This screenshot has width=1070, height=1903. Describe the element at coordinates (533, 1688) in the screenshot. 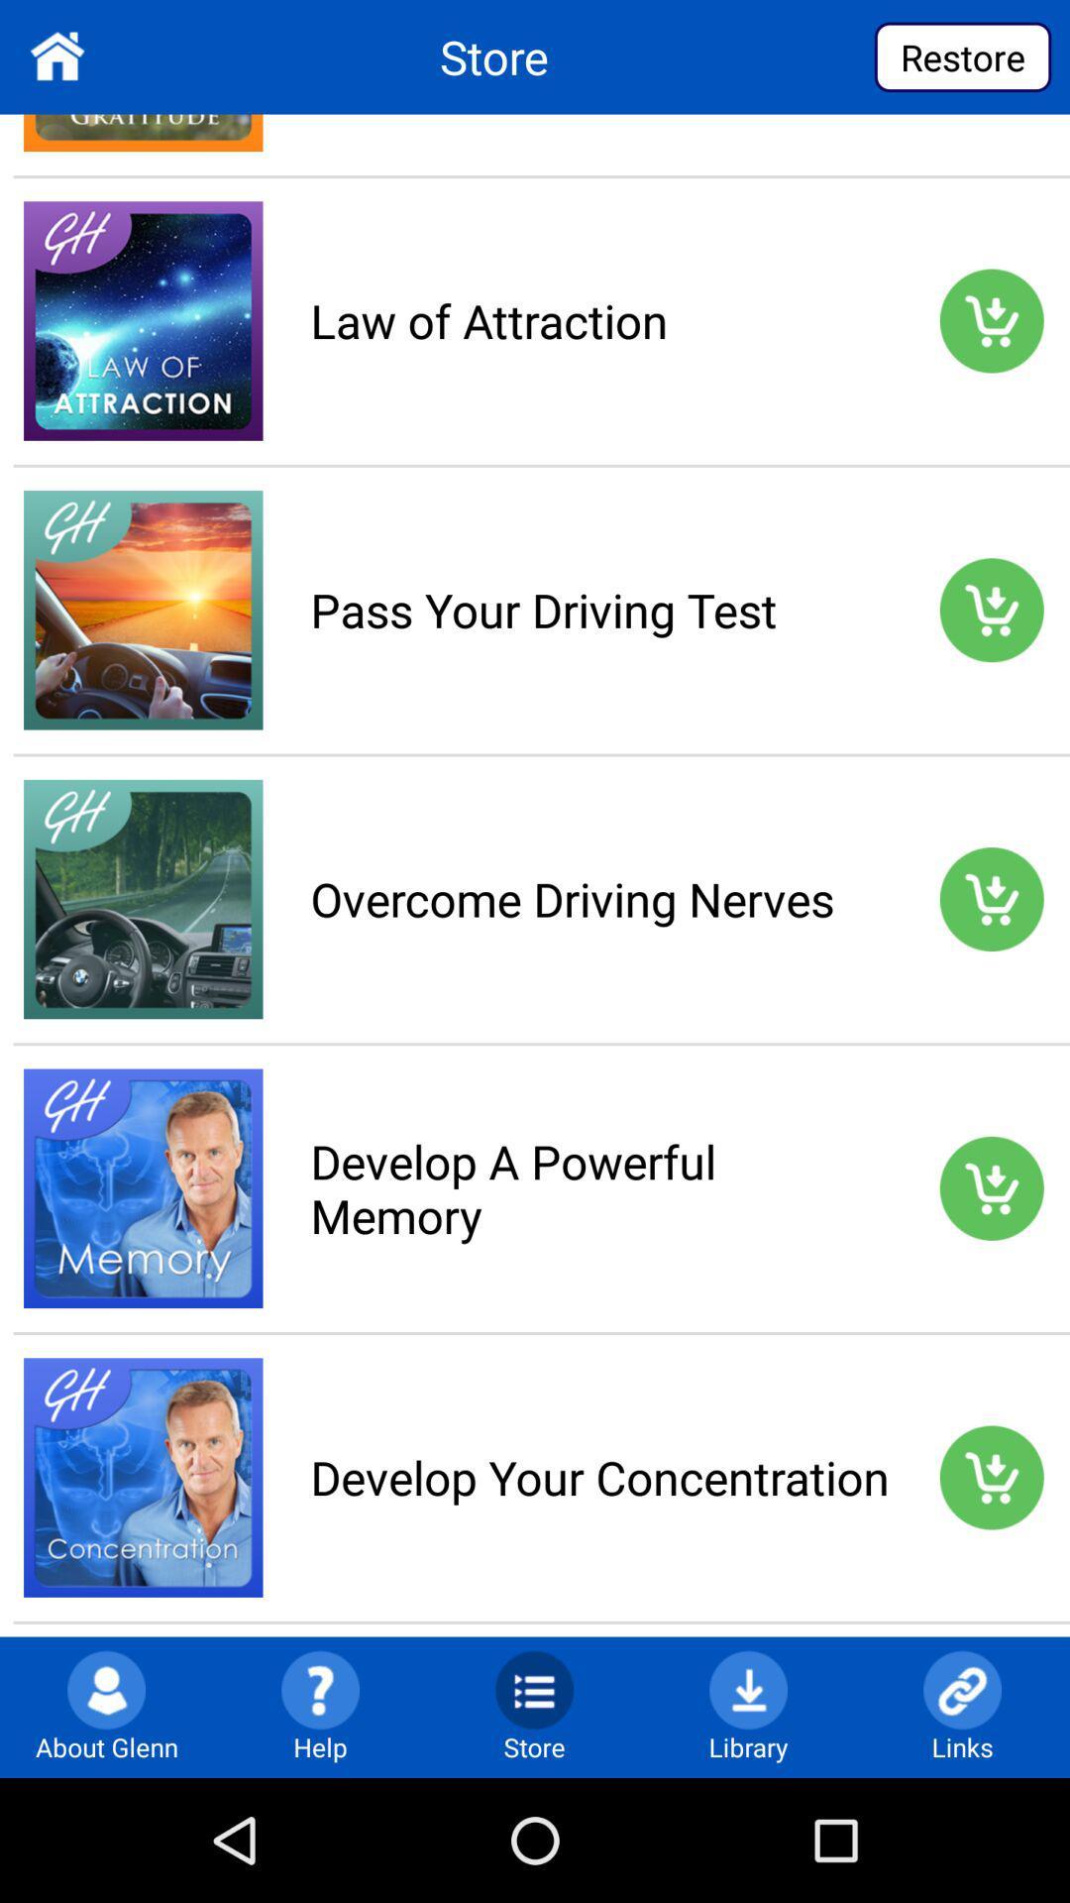

I see `the store image option` at that location.